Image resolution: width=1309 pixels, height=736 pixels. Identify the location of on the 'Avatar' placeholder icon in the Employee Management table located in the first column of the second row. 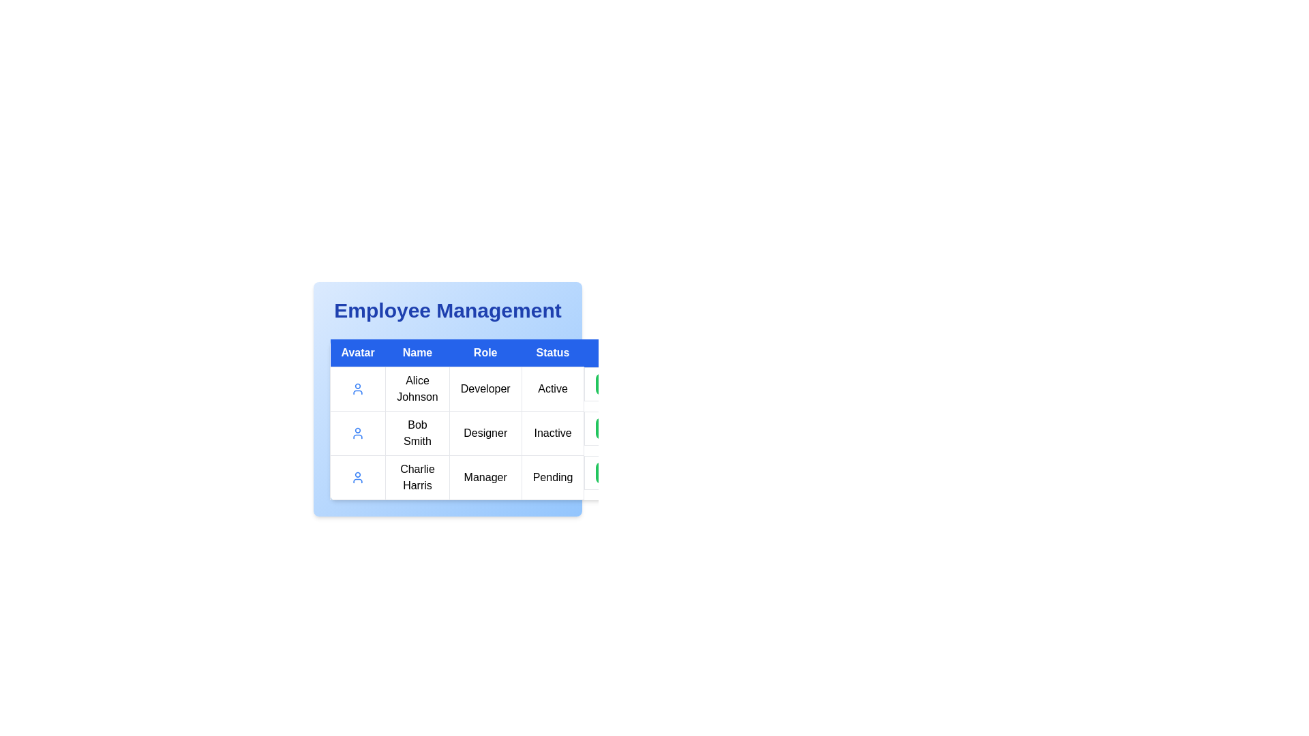
(358, 433).